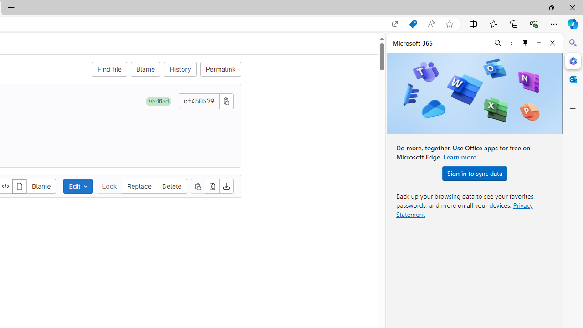 The width and height of the screenshot is (583, 328). What do you see at coordinates (460, 156) in the screenshot?
I see `'Learn more about Microsoft Office.'` at bounding box center [460, 156].